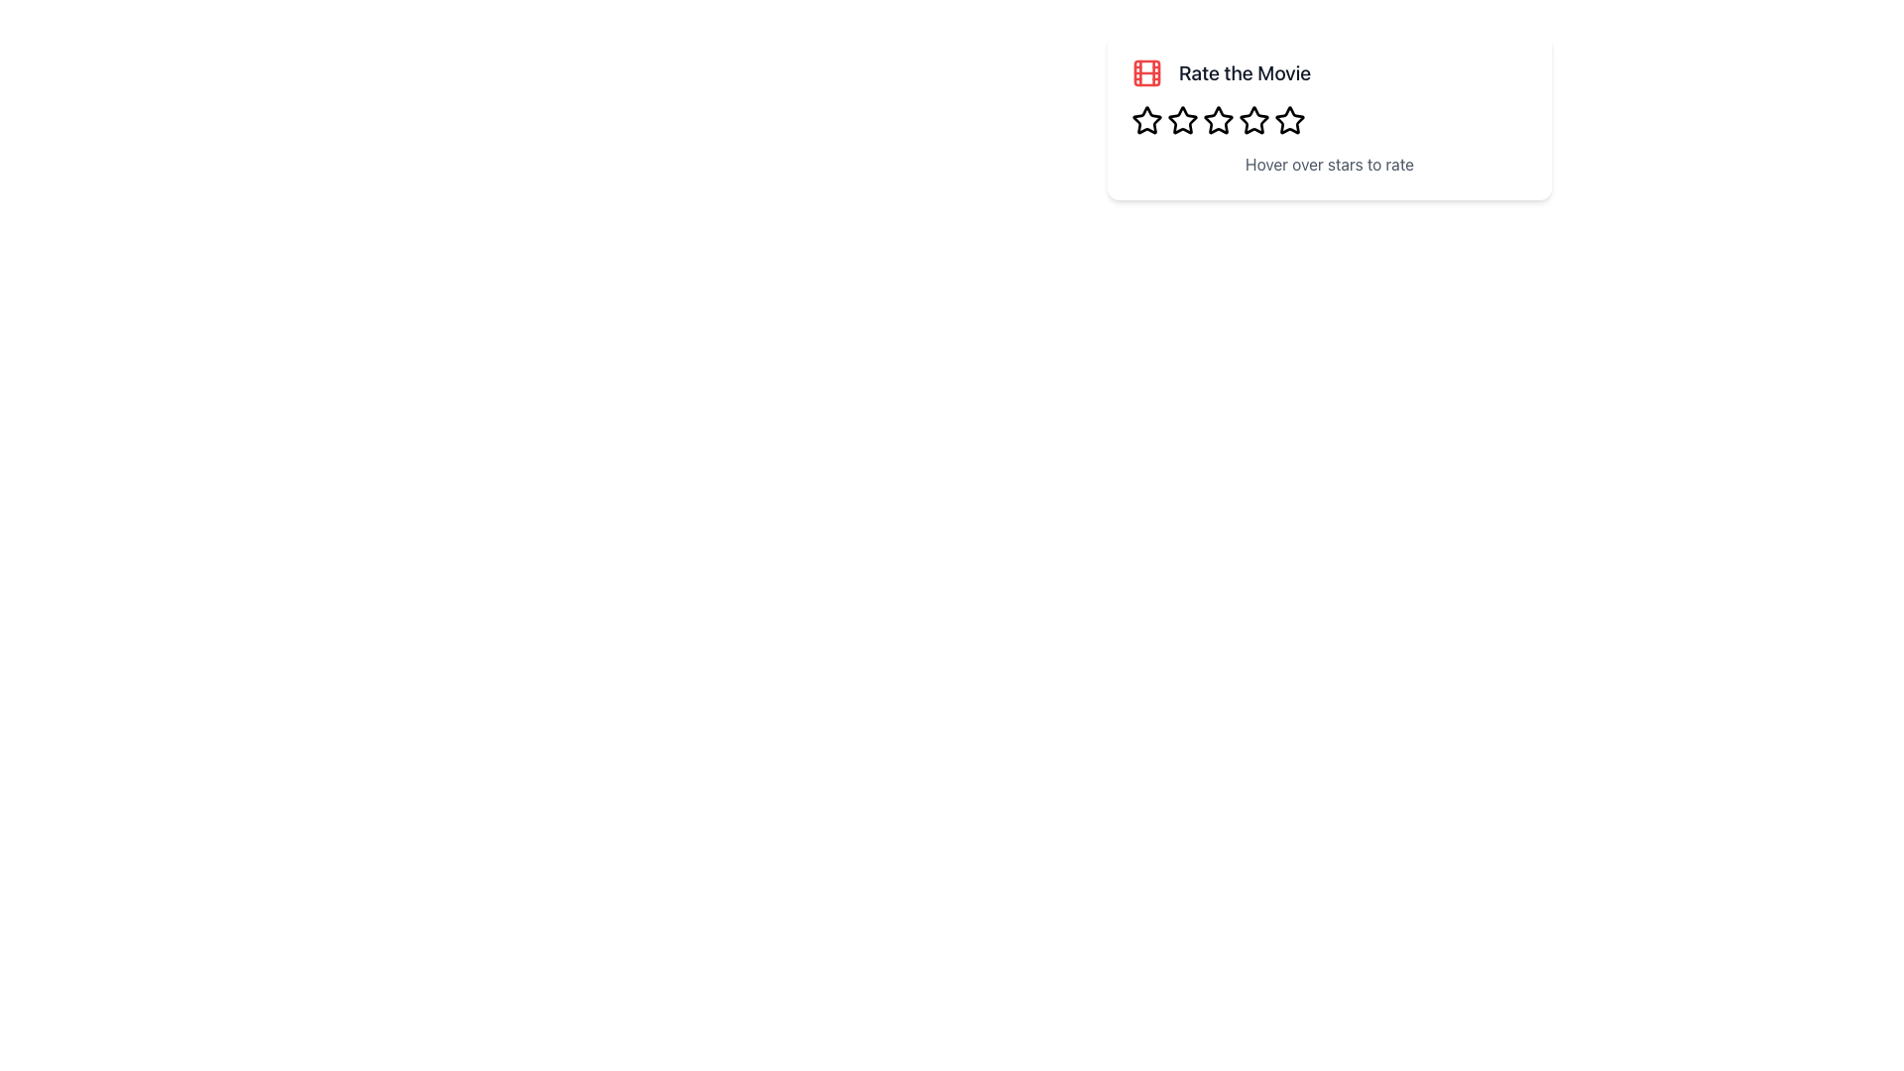  What do you see at coordinates (1146, 119) in the screenshot?
I see `the first star in the rating system located below 'Rate the Movie'` at bounding box center [1146, 119].